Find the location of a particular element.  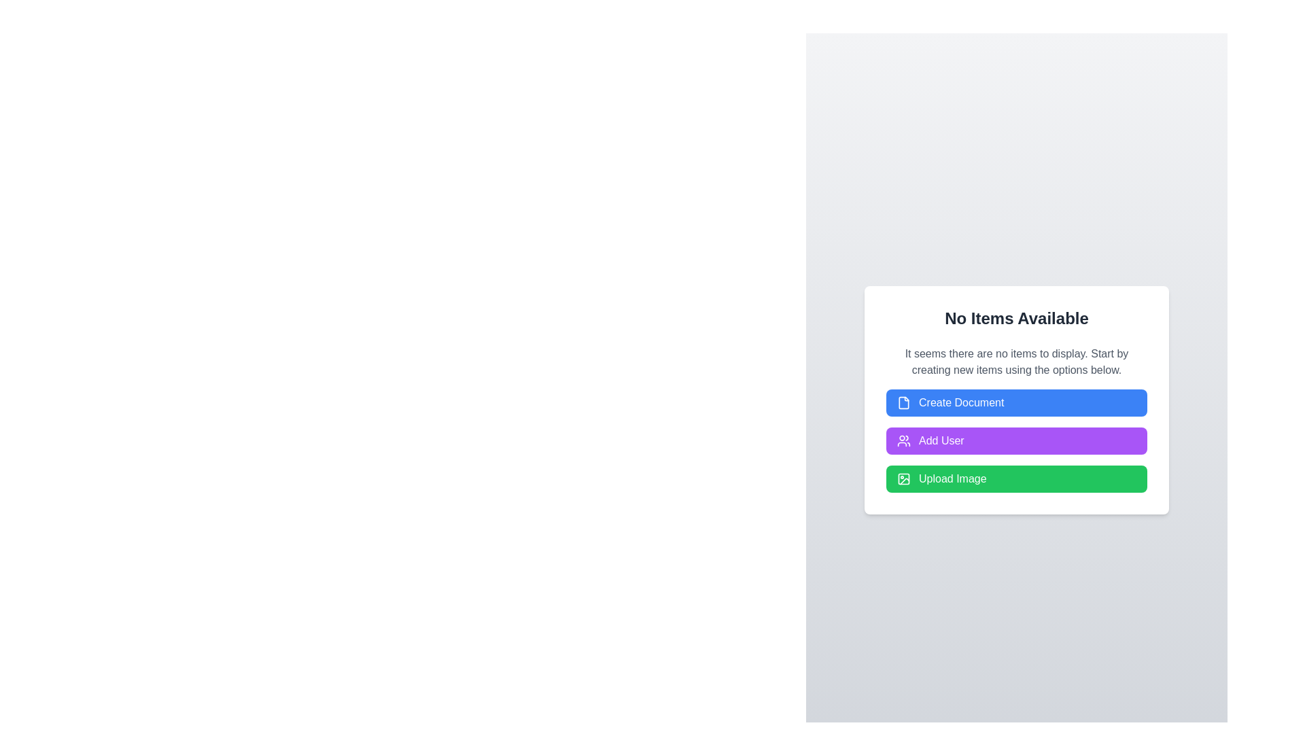

the blue button labeled 'Create Document' to observe its hover effect is located at coordinates (1017, 400).